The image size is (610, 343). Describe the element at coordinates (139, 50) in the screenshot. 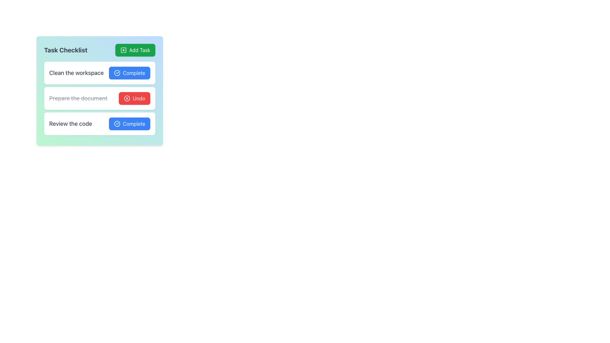

I see `the 'Add Task' button which features white text on a green background, located at the top-right of the 'Task Checklist' box, next to a square-plus icon` at that location.